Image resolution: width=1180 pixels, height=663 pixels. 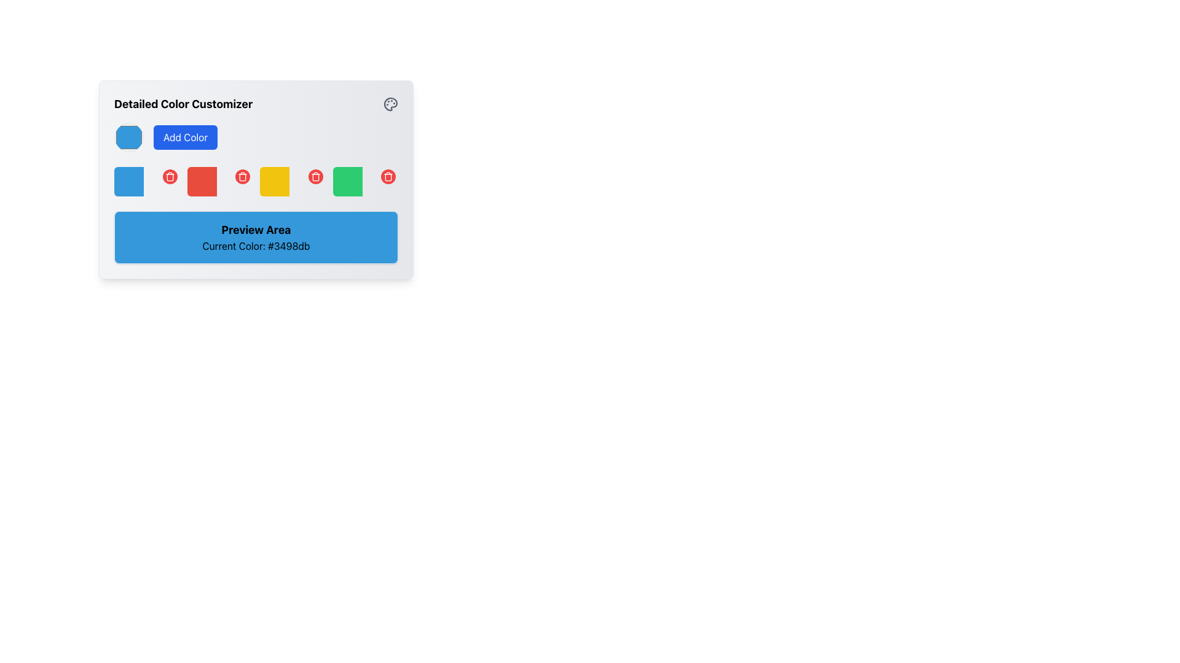 I want to click on the circular red button with a white trash can icon in the top-right corner of the green square color option, so click(x=388, y=177).